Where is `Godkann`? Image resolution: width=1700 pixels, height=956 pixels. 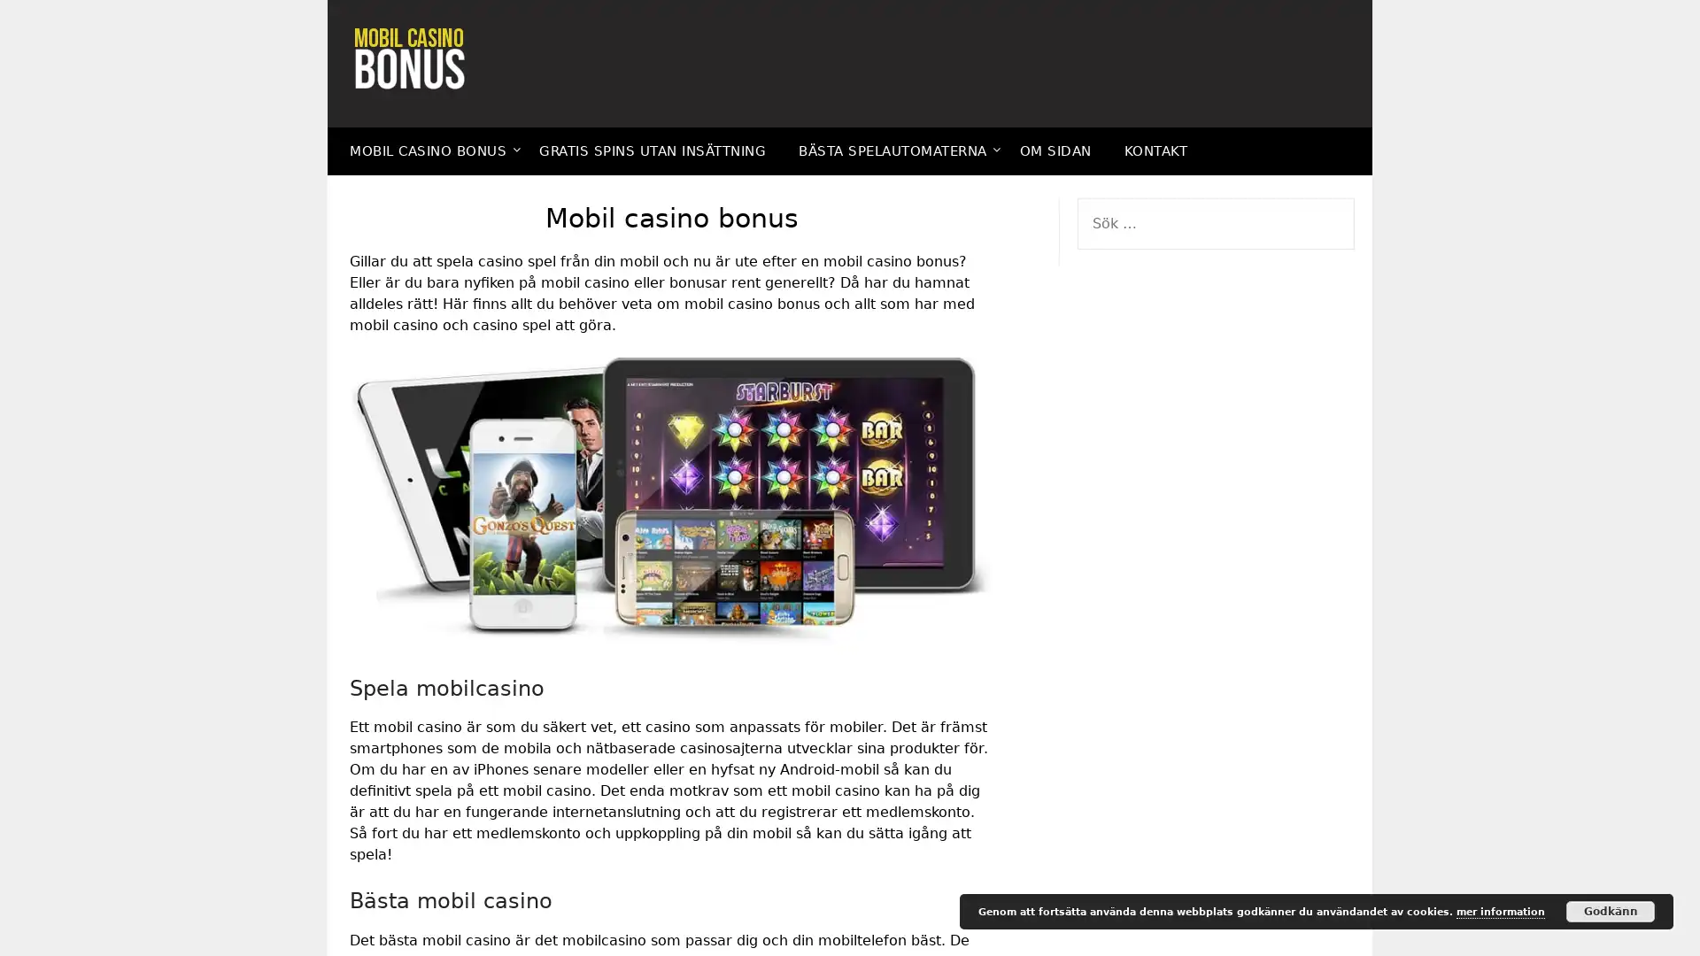
Godkann is located at coordinates (1611, 911).